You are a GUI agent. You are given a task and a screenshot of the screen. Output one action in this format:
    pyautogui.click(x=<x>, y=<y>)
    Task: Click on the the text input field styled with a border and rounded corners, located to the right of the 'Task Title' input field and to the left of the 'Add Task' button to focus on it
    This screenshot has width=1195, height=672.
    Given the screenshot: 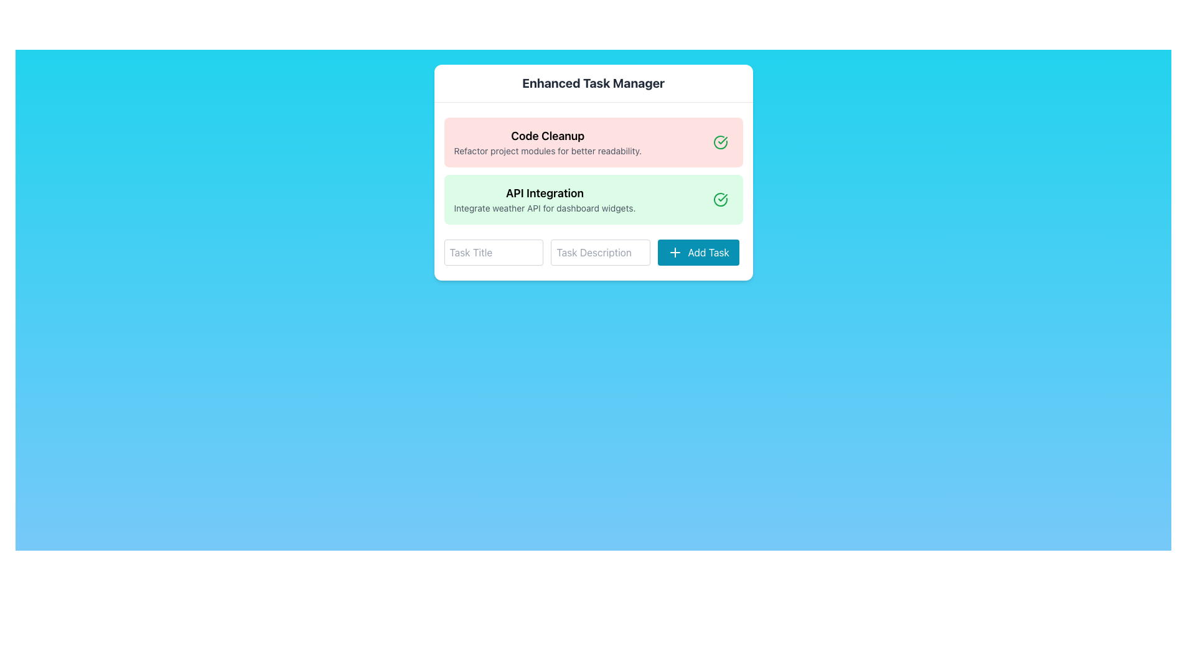 What is the action you would take?
    pyautogui.click(x=593, y=252)
    